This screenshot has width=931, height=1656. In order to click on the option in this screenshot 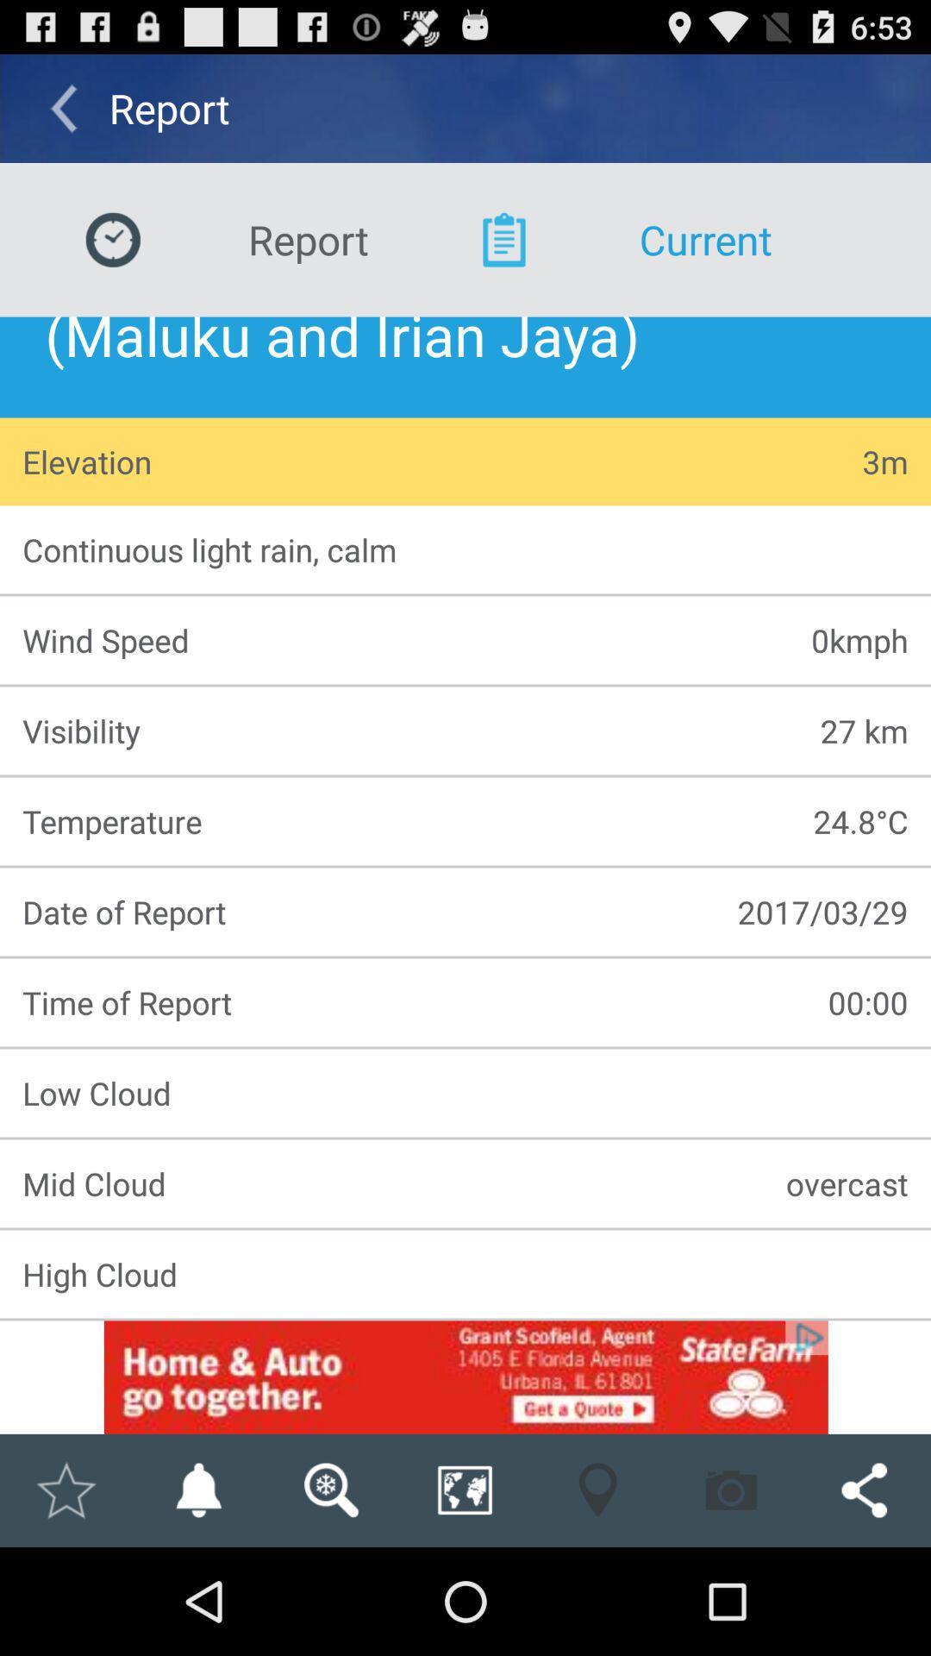, I will do `click(65, 1490)`.